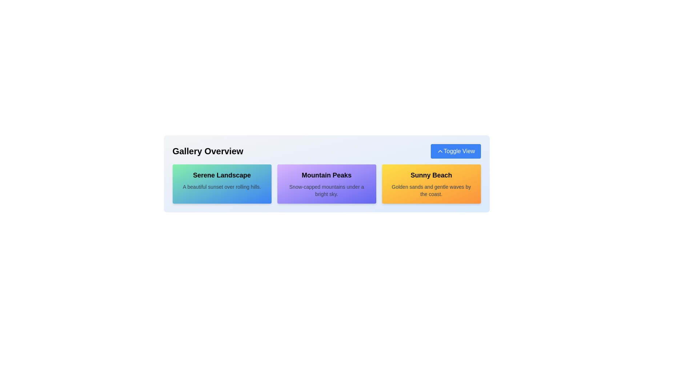 Image resolution: width=698 pixels, height=392 pixels. I want to click on the non-interactive descriptive text block located beneath the title 'Serene Landscape' within the first card of a row of cards, so click(221, 187).